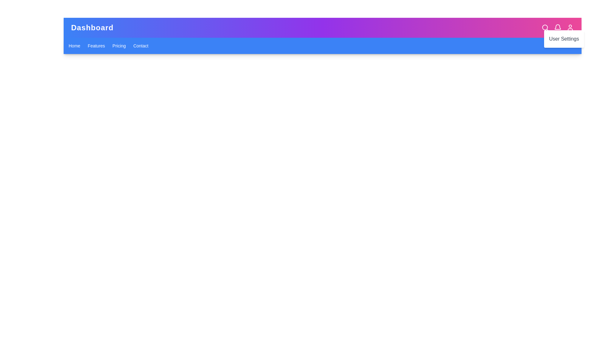  What do you see at coordinates (74, 45) in the screenshot?
I see `the navigation menu item Home` at bounding box center [74, 45].